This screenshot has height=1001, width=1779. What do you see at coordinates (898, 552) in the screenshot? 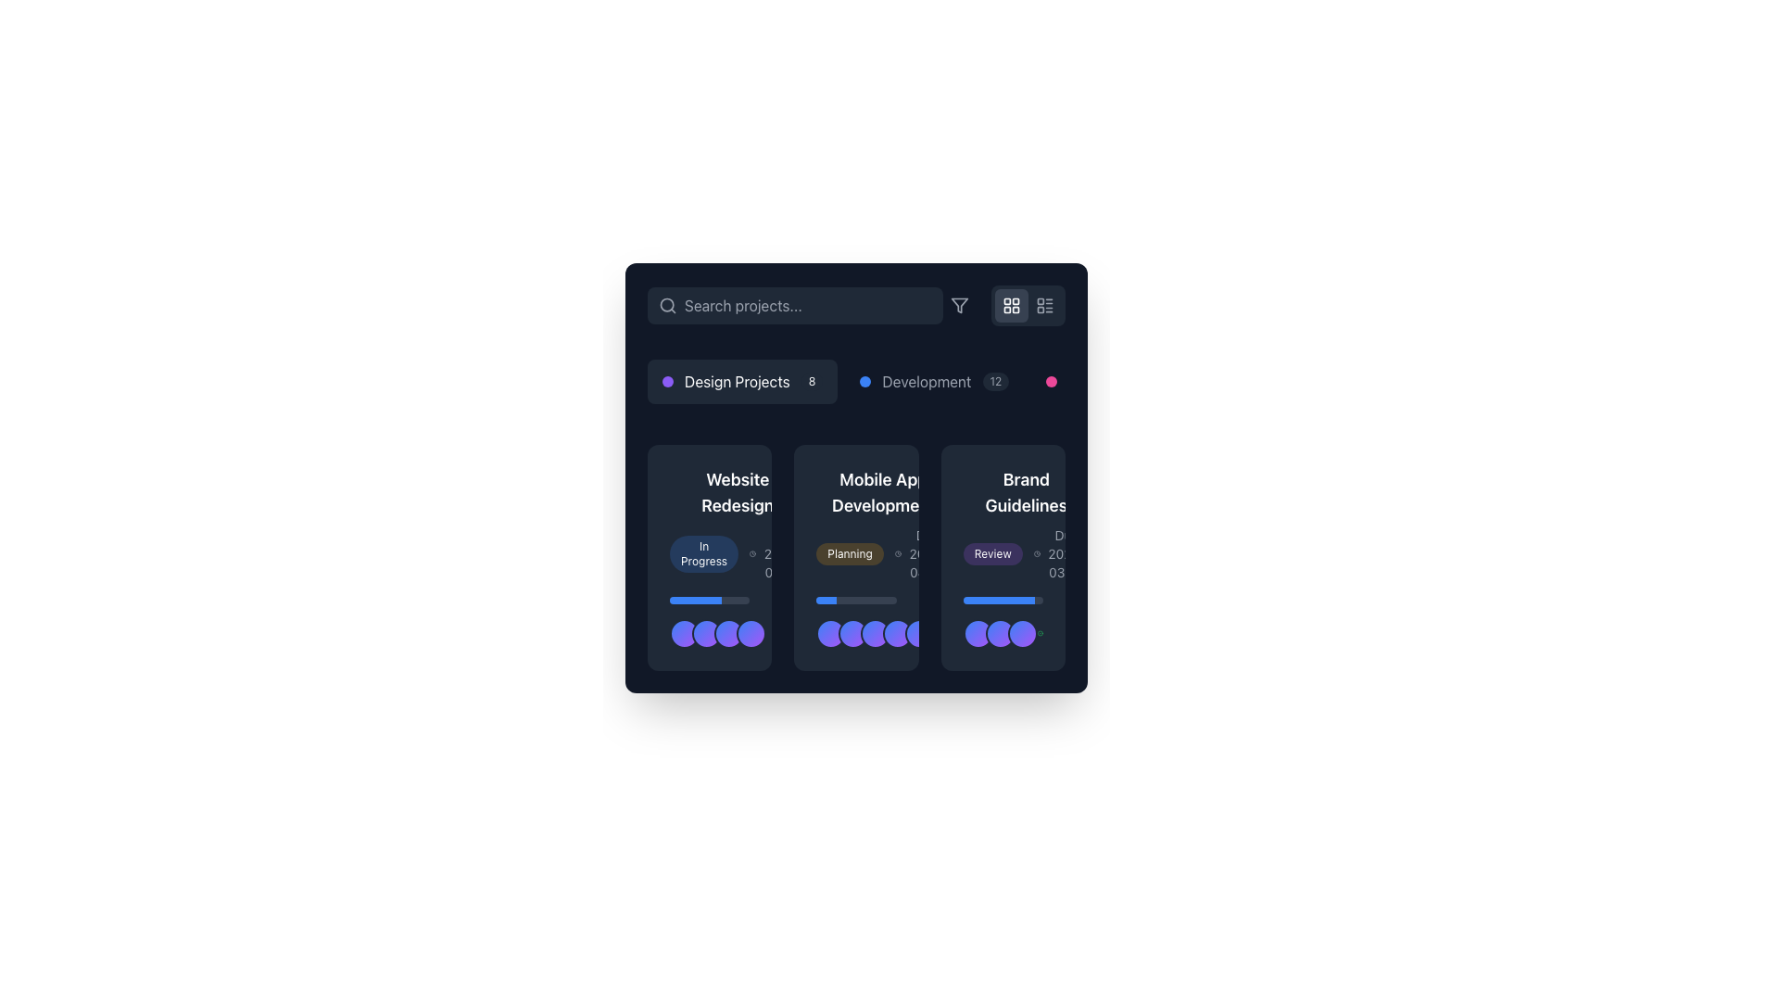
I see `the clock icon located immediately to the left of the text 'Due 2024-04-01'` at bounding box center [898, 552].